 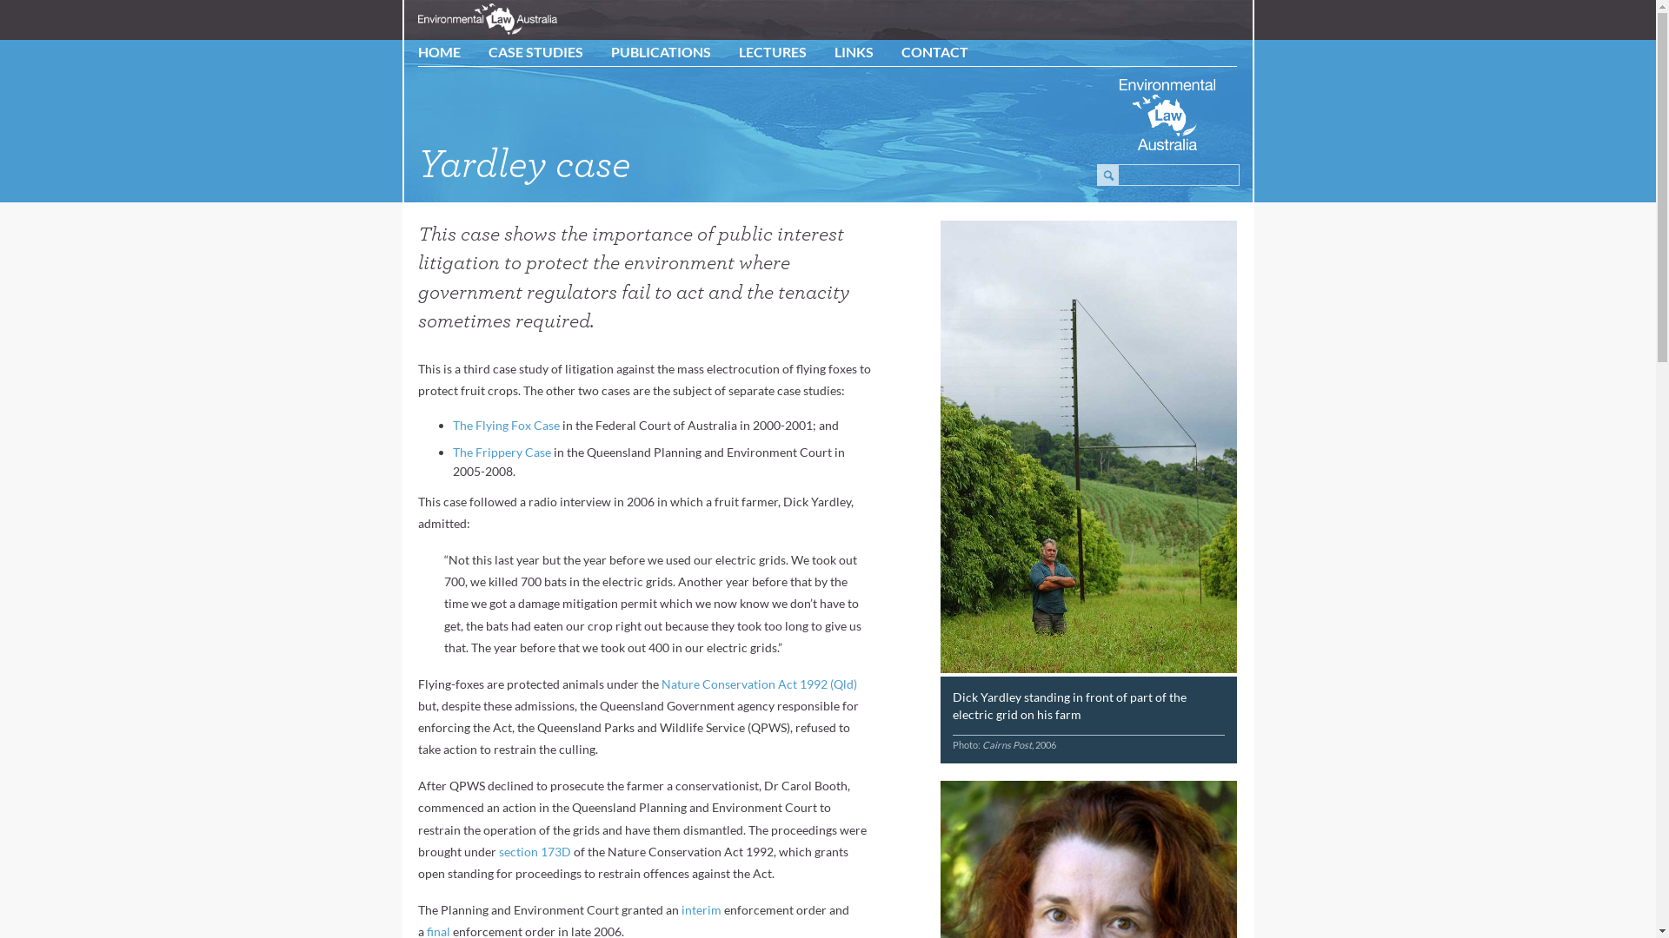 What do you see at coordinates (417, 50) in the screenshot?
I see `'HOME'` at bounding box center [417, 50].